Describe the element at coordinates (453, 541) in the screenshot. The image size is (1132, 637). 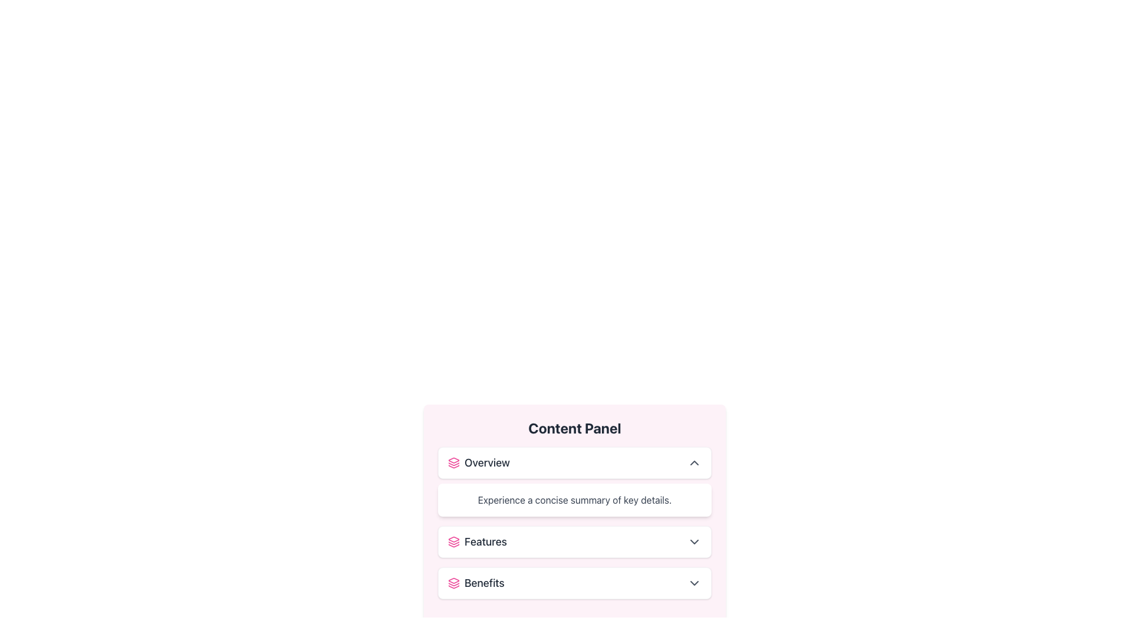
I see `the pink icon styled as a stack of layers, which is positioned to the left of the 'Features' text label` at that location.